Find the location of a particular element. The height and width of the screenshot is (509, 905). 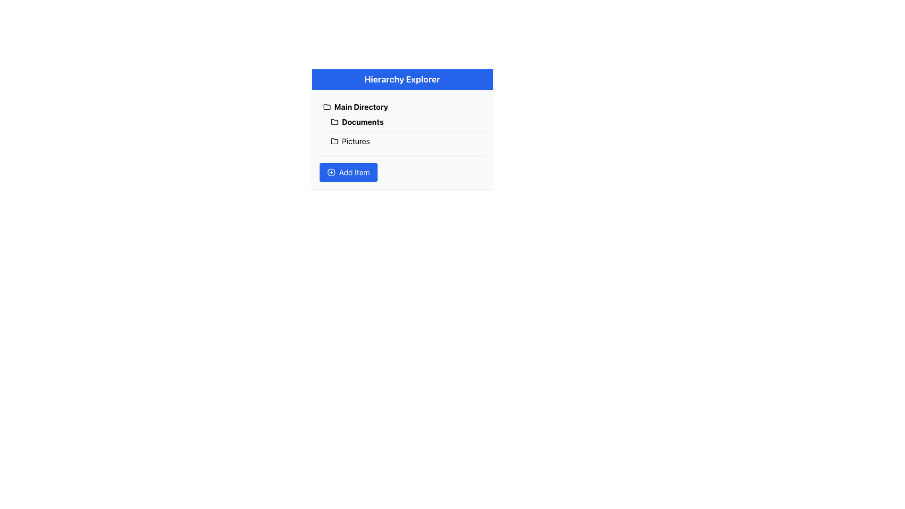

the clickable list item labeled 'Pictures' located in the 'Hierarchy Explorer' section is located at coordinates (406, 141).